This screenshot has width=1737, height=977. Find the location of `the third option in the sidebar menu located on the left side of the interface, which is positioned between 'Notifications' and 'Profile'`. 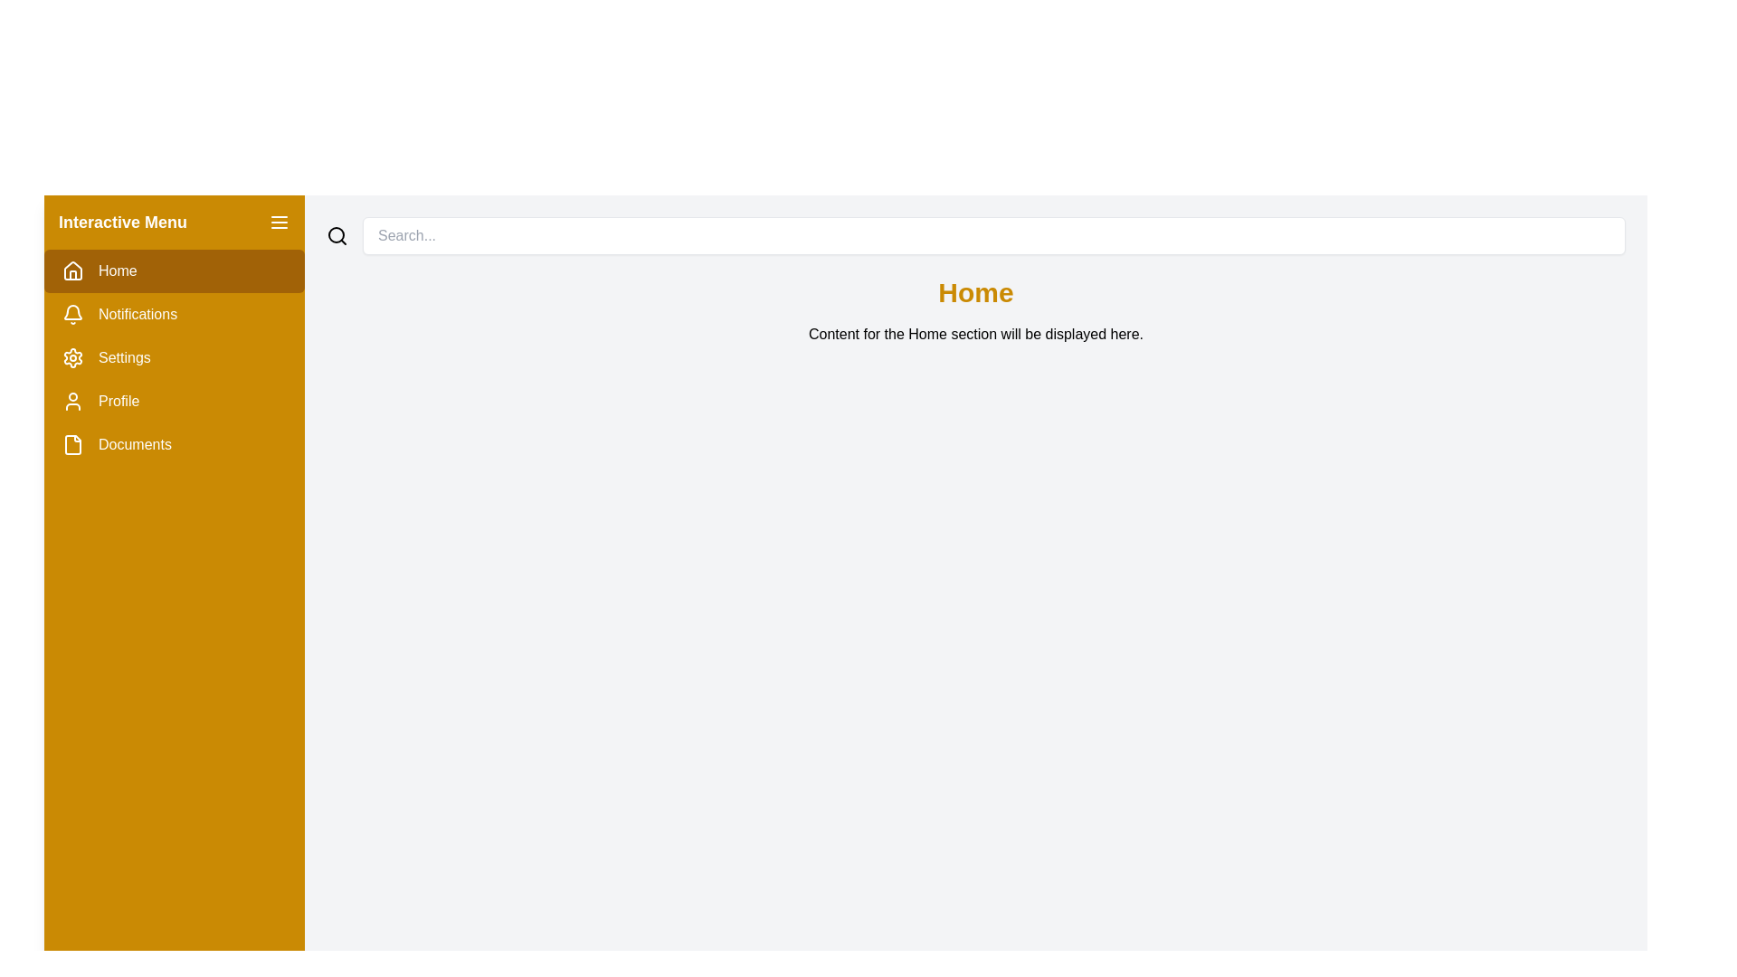

the third option in the sidebar menu located on the left side of the interface, which is positioned between 'Notifications' and 'Profile' is located at coordinates (174, 358).